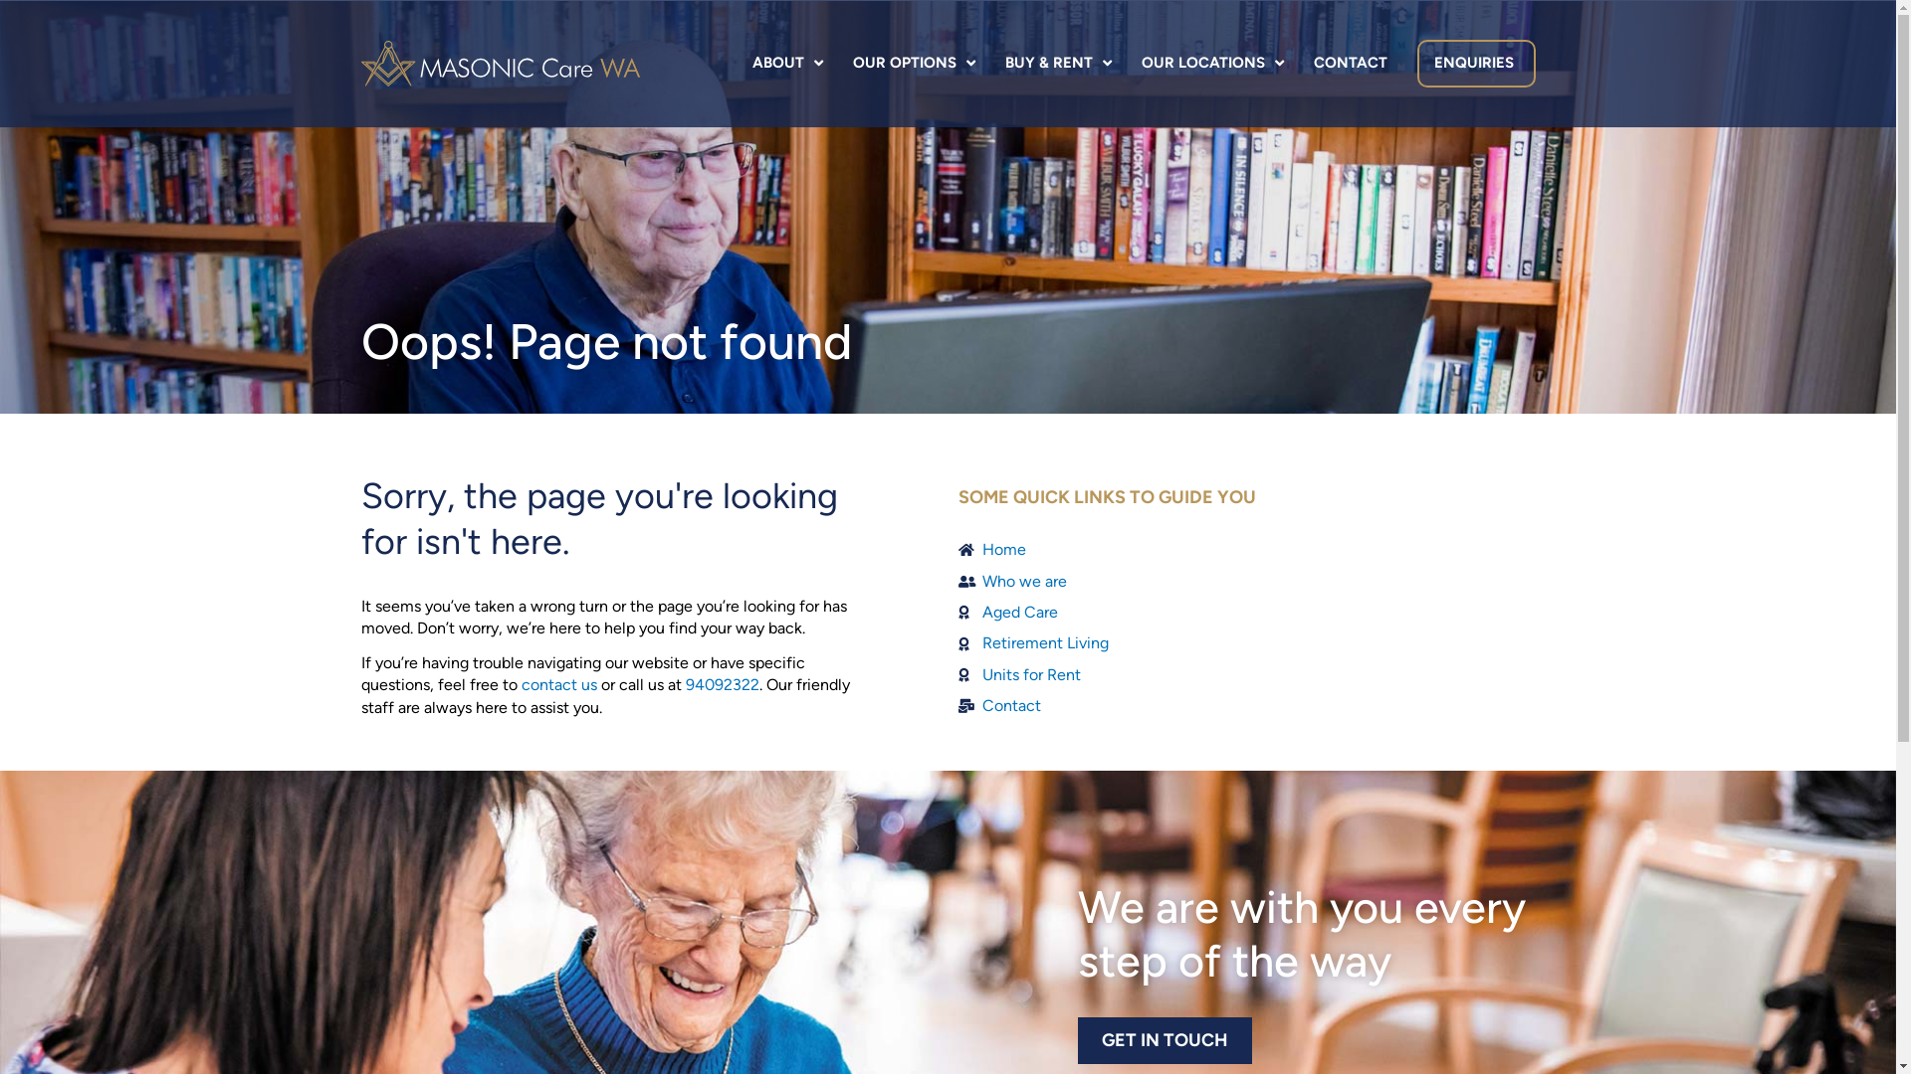  I want to click on 'CONTACT', so click(1308, 63).